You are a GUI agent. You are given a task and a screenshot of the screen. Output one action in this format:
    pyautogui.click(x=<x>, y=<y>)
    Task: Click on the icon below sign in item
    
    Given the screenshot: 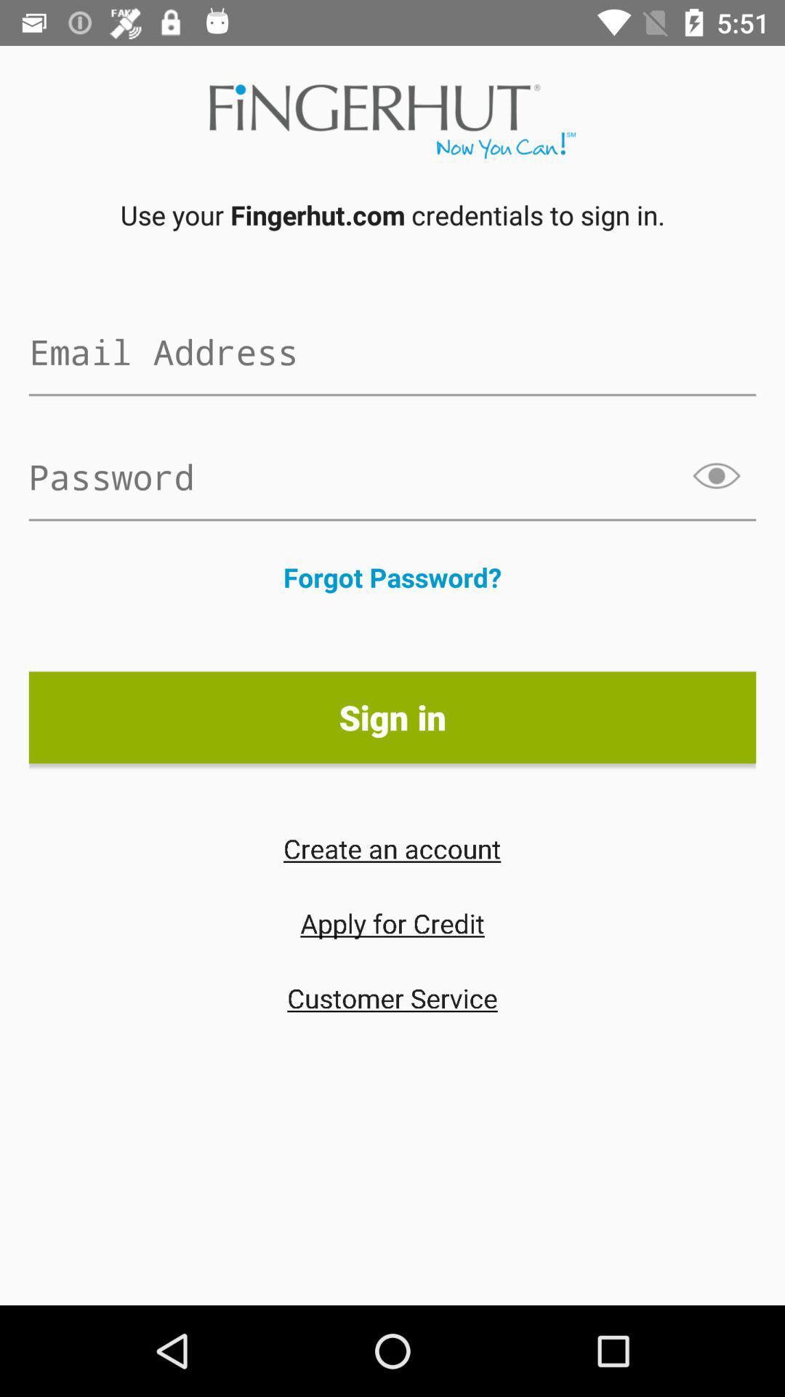 What is the action you would take?
    pyautogui.click(x=391, y=848)
    